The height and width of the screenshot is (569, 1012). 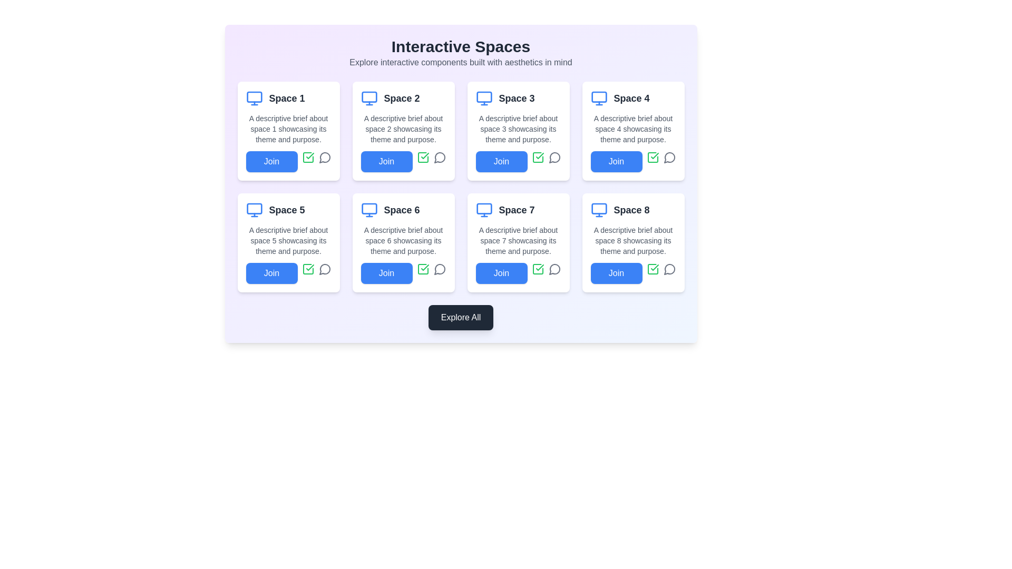 What do you see at coordinates (632, 273) in the screenshot?
I see `the blue 'Join' button with rounded corners located in the 'Space 8' card, positioned next to a green checkmark and a gray speech bubble, to join the space` at bounding box center [632, 273].